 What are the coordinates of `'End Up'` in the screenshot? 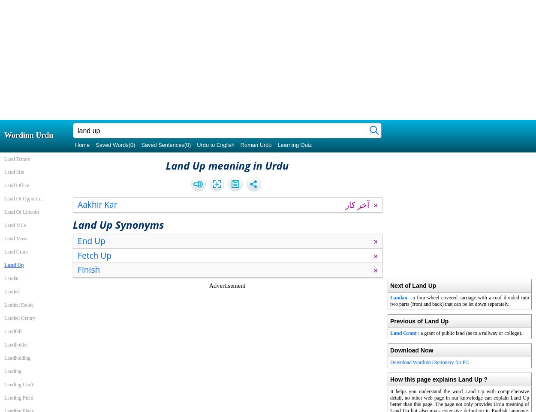 It's located at (91, 240).